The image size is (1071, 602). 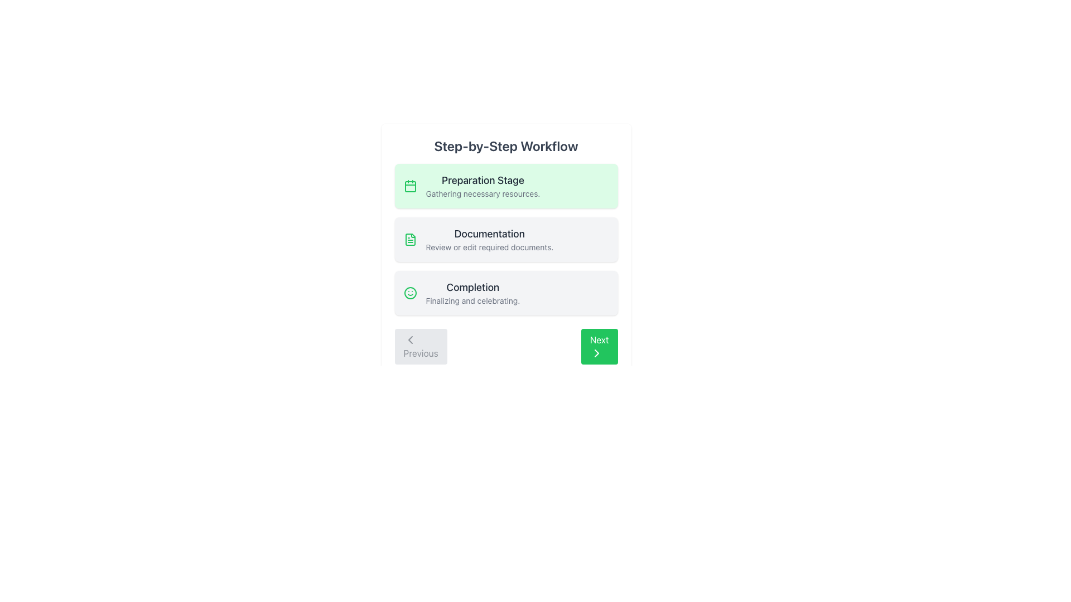 What do you see at coordinates (420, 346) in the screenshot?
I see `the 'Previous' button located in the bottom-left corner of the navigation bar` at bounding box center [420, 346].